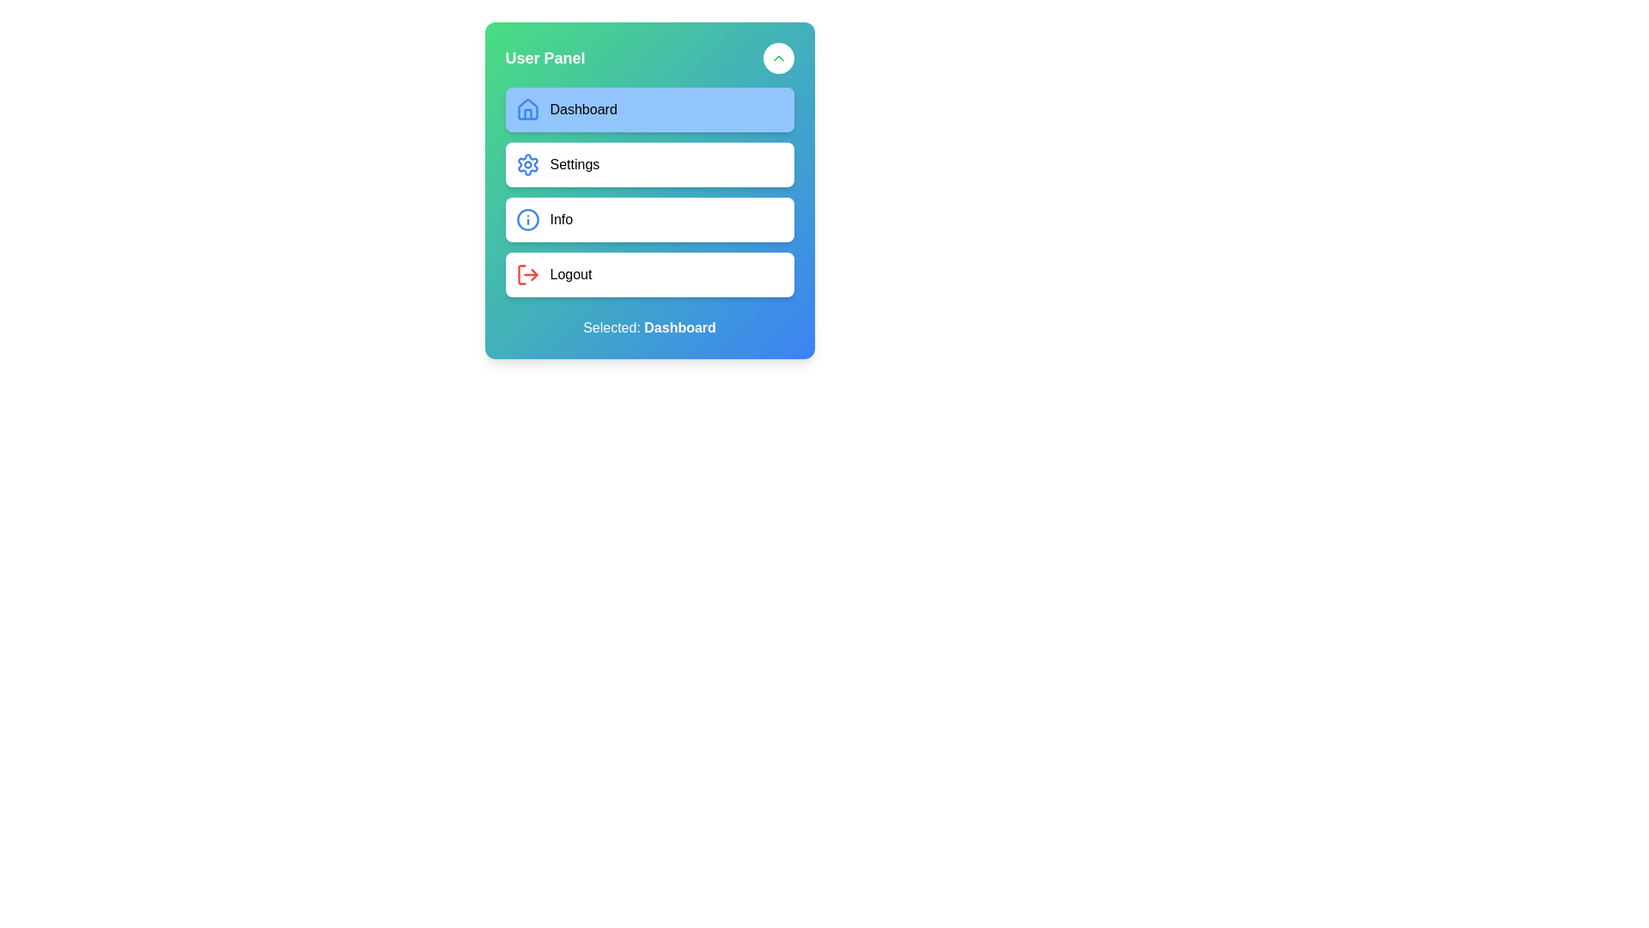 This screenshot has width=1649, height=928. I want to click on the toggle button located at the top-right corner of the 'User Panel', so click(777, 58).